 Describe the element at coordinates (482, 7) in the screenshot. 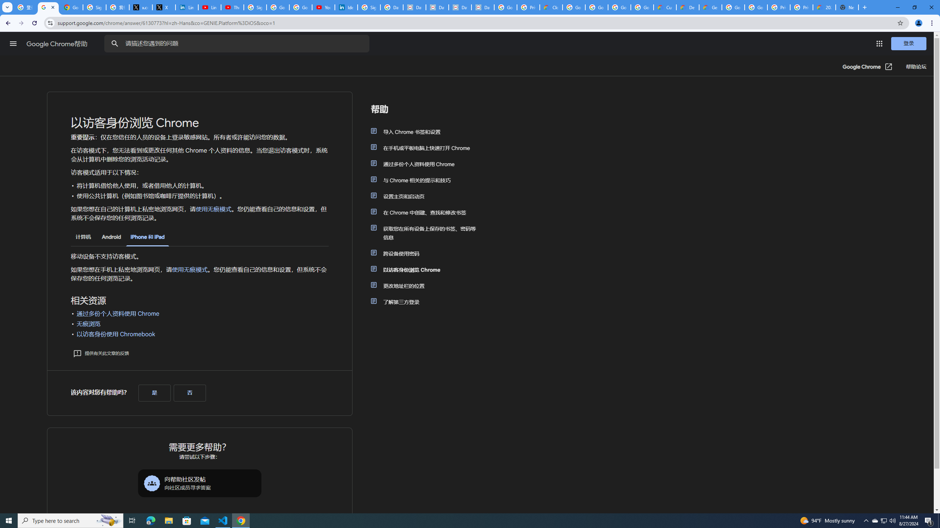

I see `'Data Privacy Framework'` at that location.